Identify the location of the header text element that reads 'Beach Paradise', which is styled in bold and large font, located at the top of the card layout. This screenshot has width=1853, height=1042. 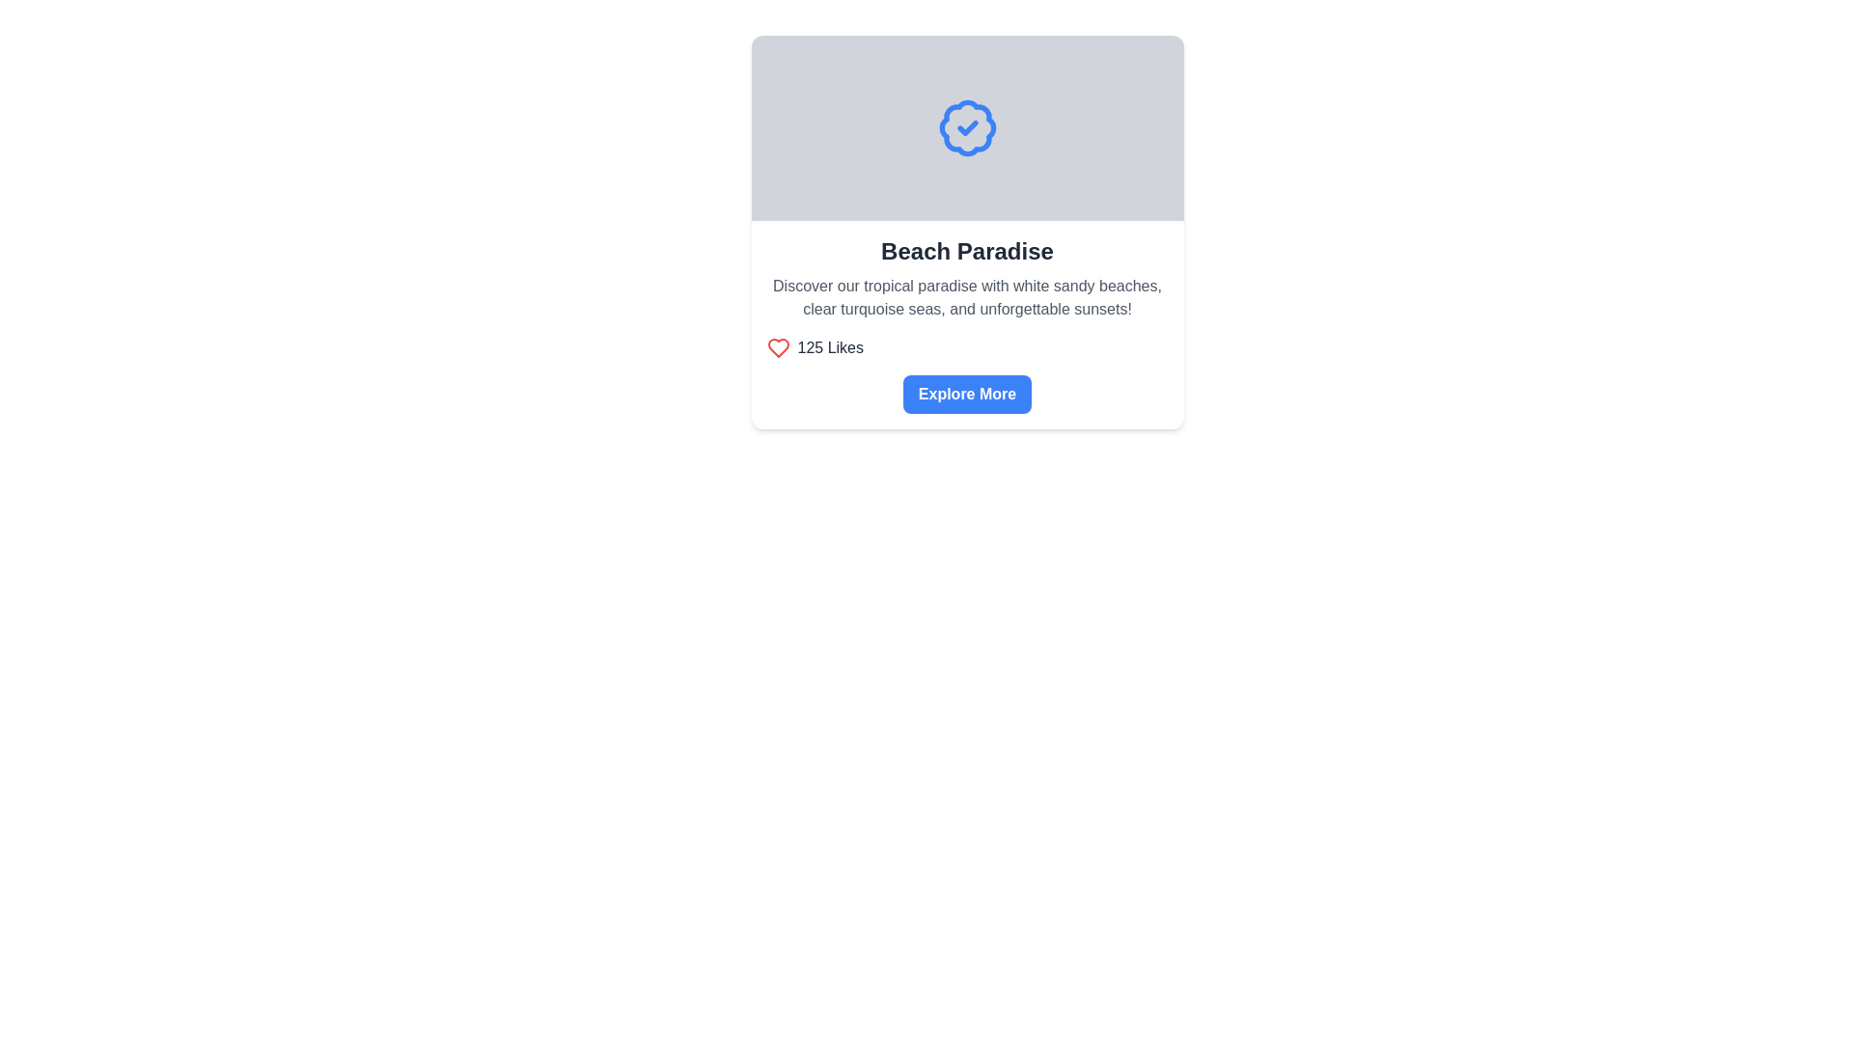
(967, 251).